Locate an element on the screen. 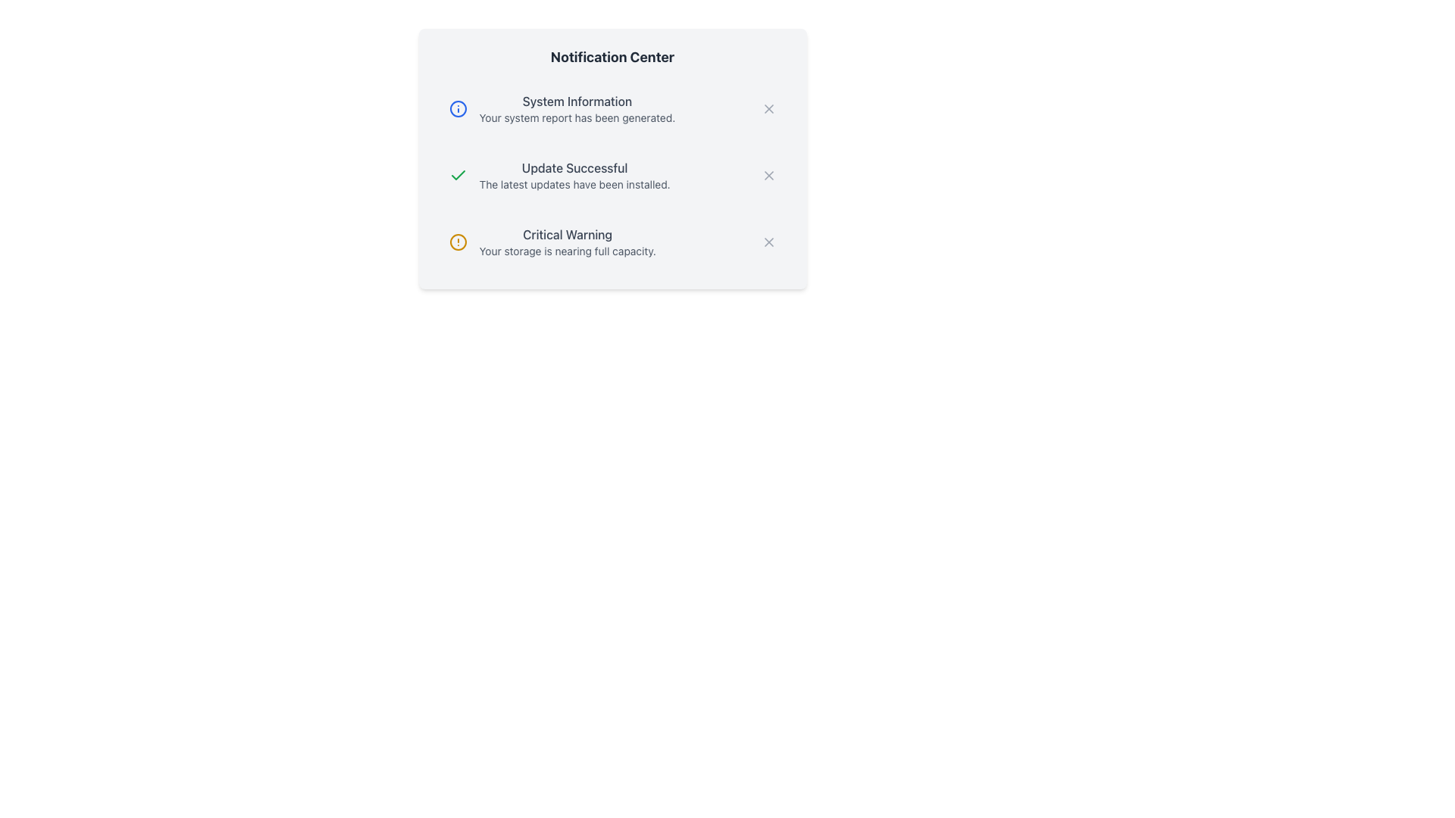 The image size is (1455, 818). the second notification item in the Notification Center that indicates the completion of an update process is located at coordinates (612, 174).